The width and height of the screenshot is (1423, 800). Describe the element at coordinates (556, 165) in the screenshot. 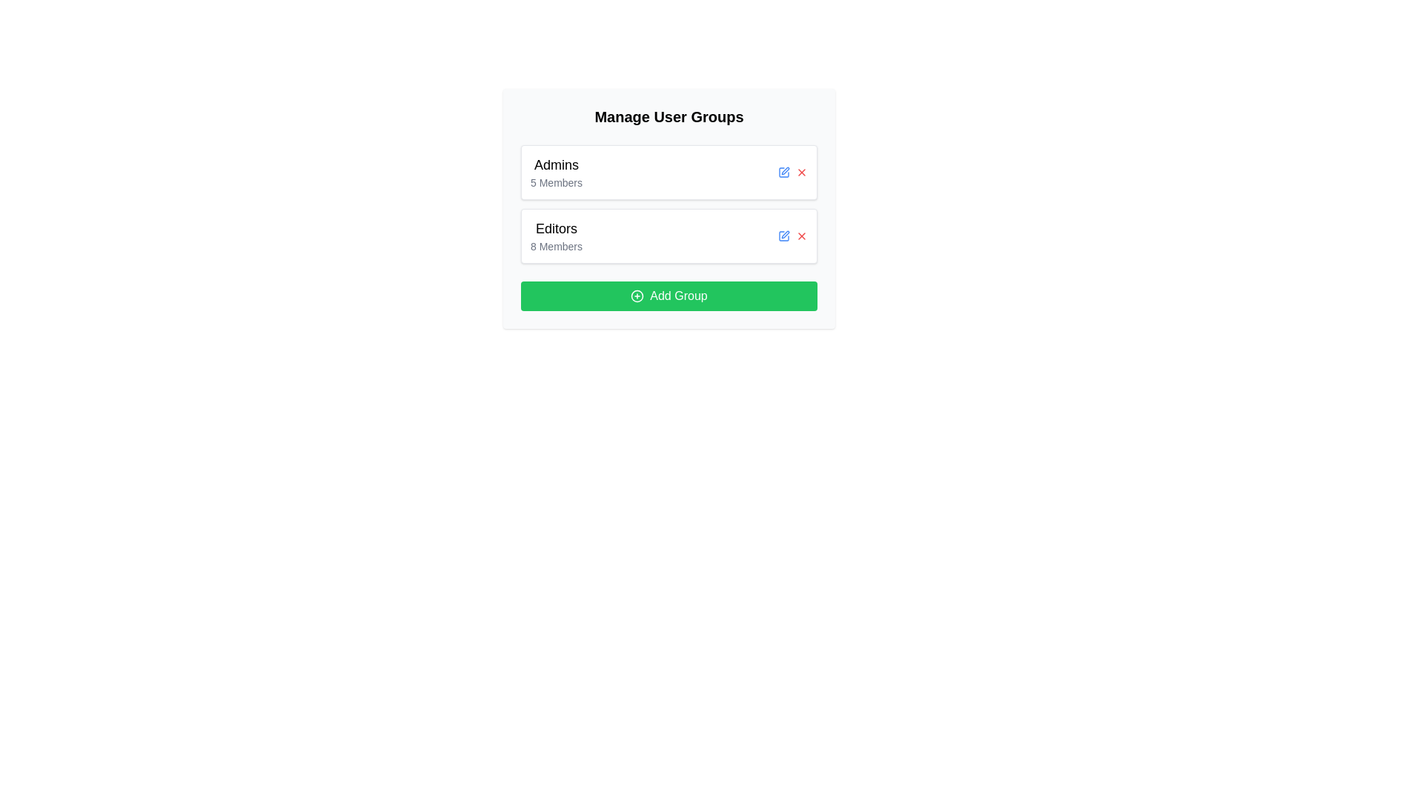

I see `the bold text label displaying 'Admins' located above the '5 Members' text in the 'Manage User Groups' section` at that location.